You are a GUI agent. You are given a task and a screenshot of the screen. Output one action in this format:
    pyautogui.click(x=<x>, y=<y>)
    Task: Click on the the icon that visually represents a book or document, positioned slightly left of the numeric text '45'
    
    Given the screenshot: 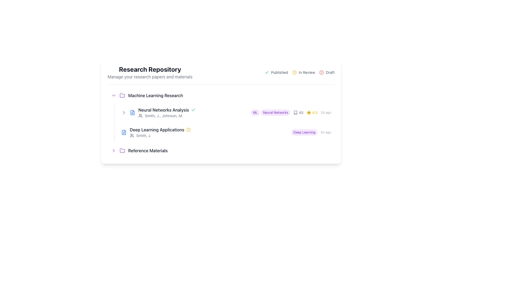 What is the action you would take?
    pyautogui.click(x=295, y=112)
    